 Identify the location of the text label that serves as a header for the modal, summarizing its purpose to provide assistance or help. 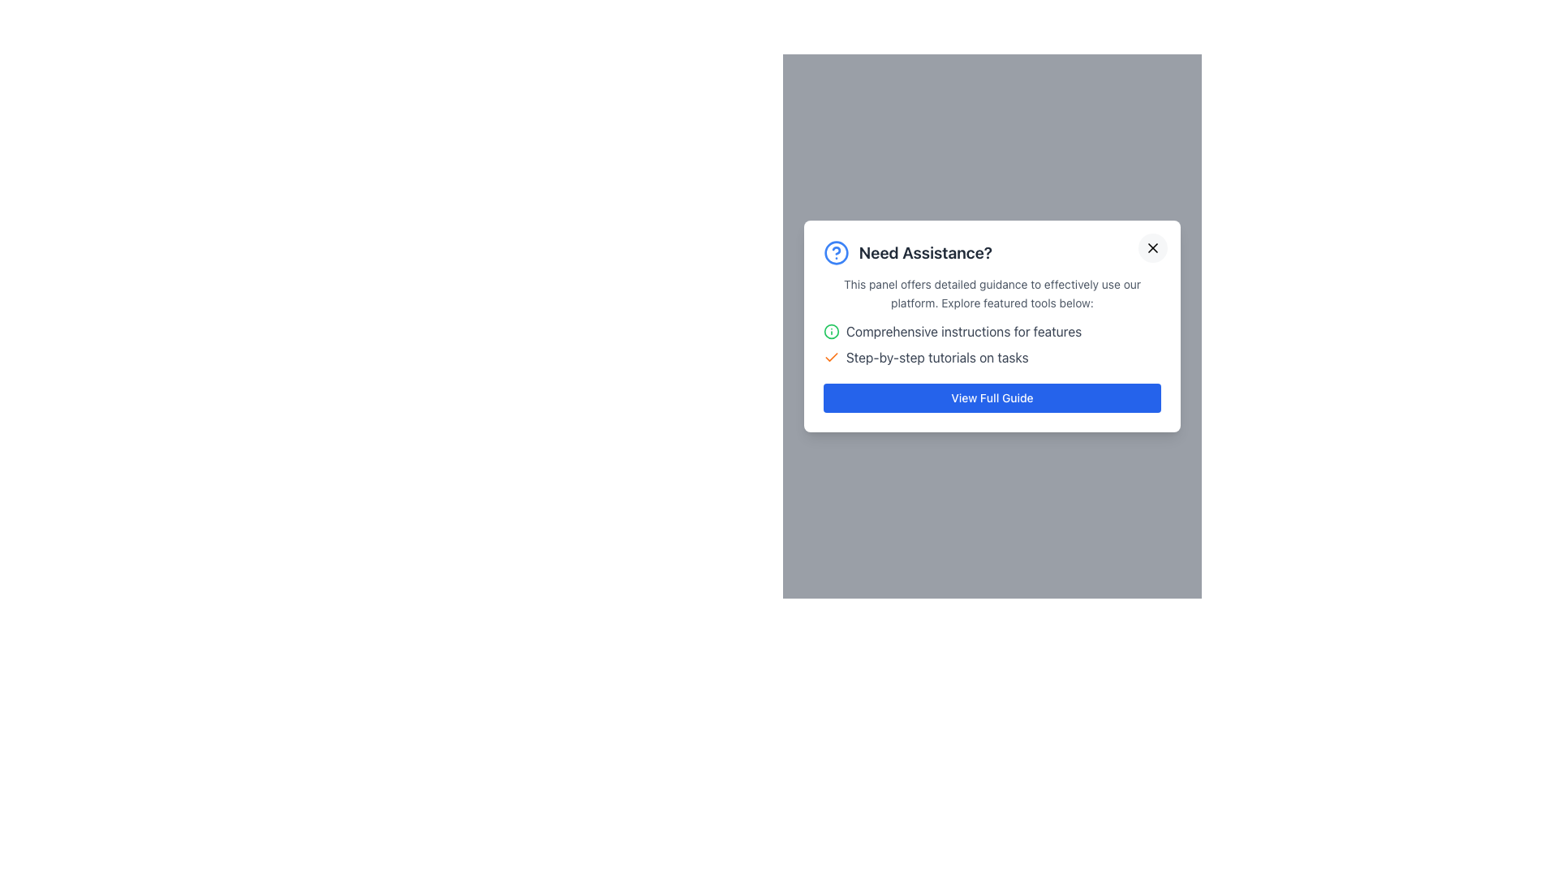
(925, 252).